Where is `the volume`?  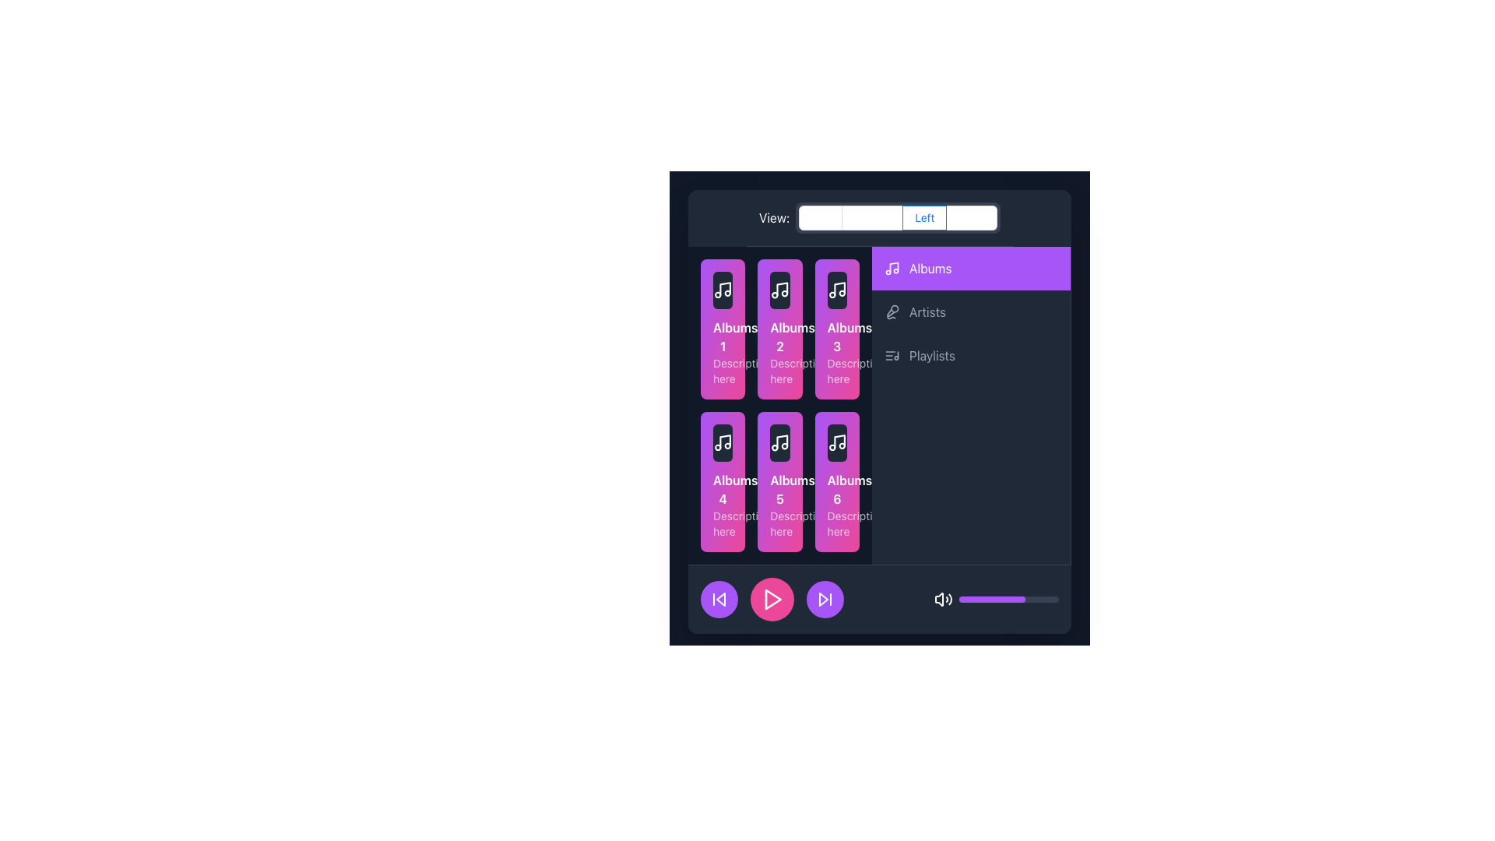
the volume is located at coordinates (990, 599).